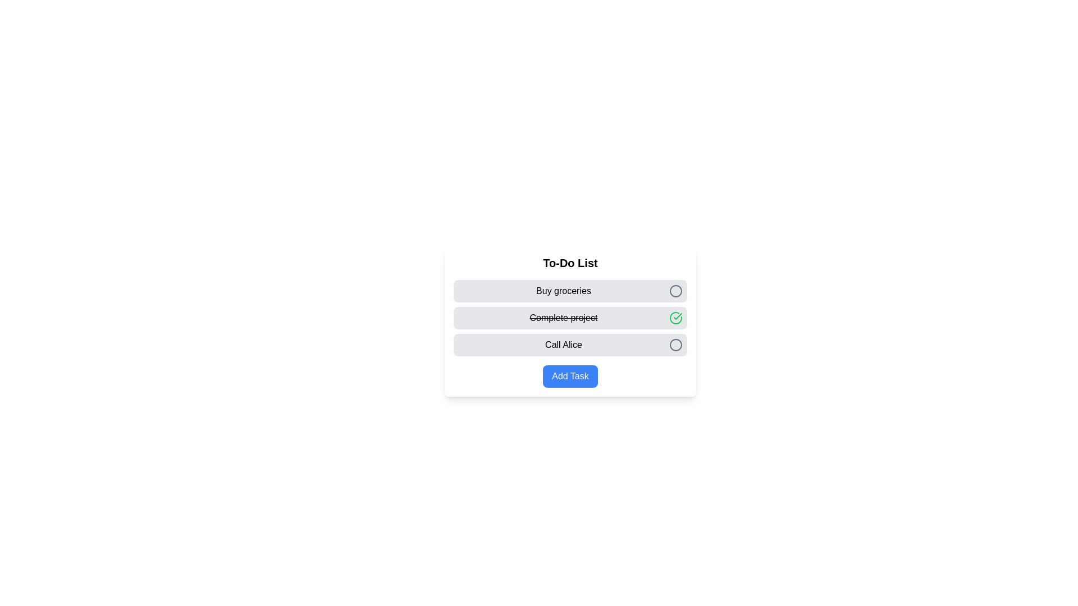 The height and width of the screenshot is (606, 1078). I want to click on the completed task text label 'Complete project' in the to-do list, which is styled with a strikethrough to indicate it has been marked as completed, so click(563, 318).